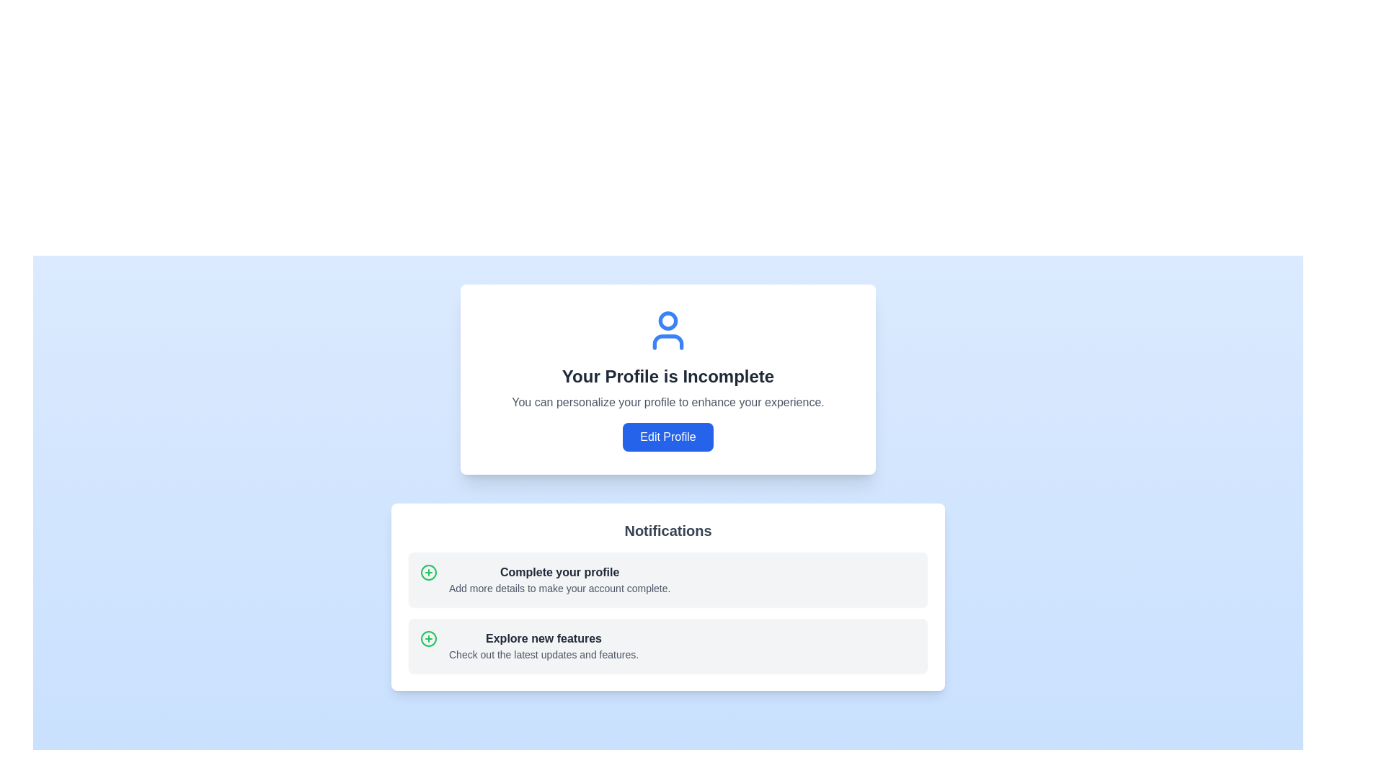 The image size is (1384, 778). What do you see at coordinates (667, 341) in the screenshot?
I see `the torso portion of the user icon, which is positioned below the circular head shape in the central card containing the profile status message` at bounding box center [667, 341].